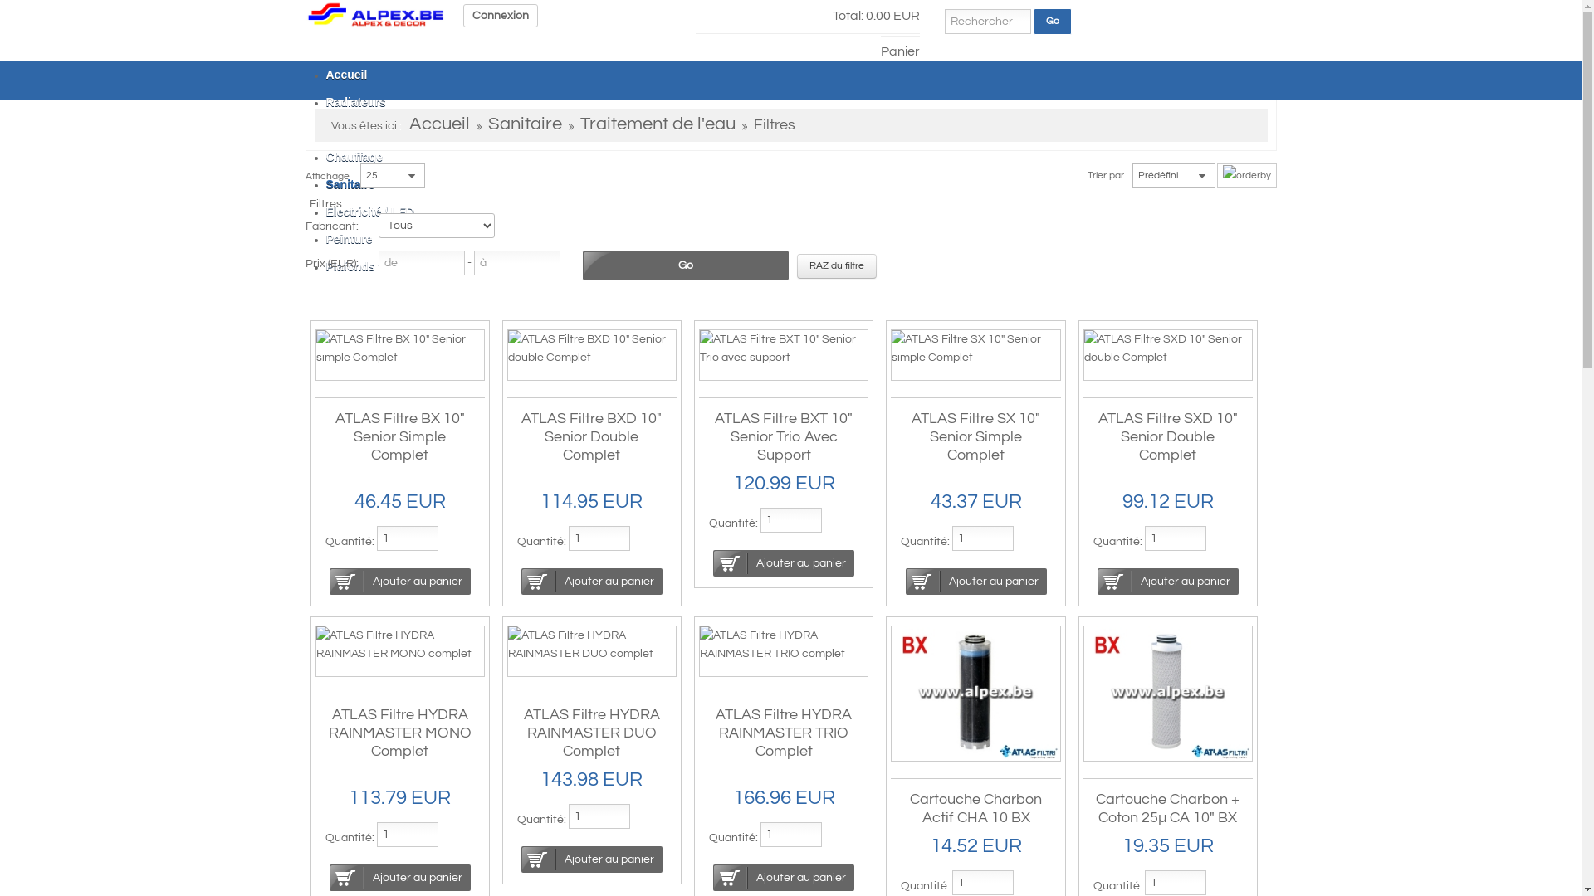 The width and height of the screenshot is (1594, 896). Describe the element at coordinates (438, 124) in the screenshot. I see `'Accueil'` at that location.